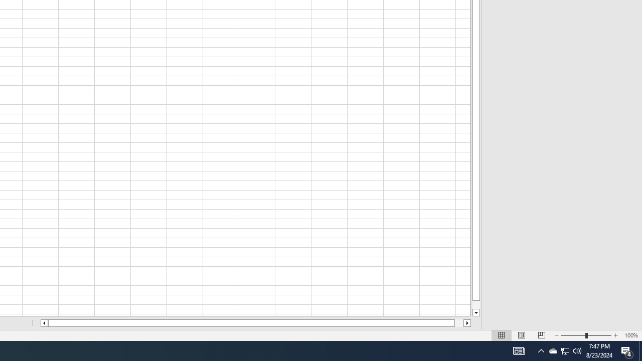 The height and width of the screenshot is (361, 642). I want to click on 'Zoom Out', so click(573, 335).